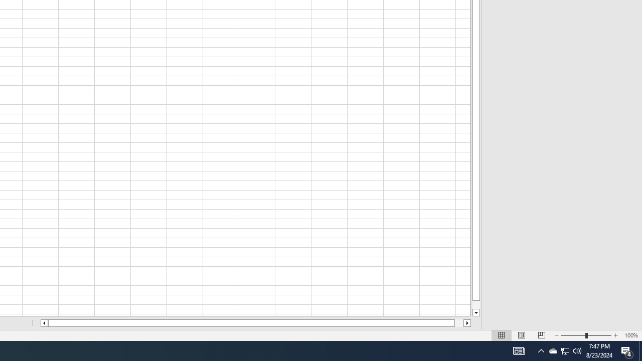 The height and width of the screenshot is (361, 642). I want to click on 'Zoom Out', so click(573, 335).